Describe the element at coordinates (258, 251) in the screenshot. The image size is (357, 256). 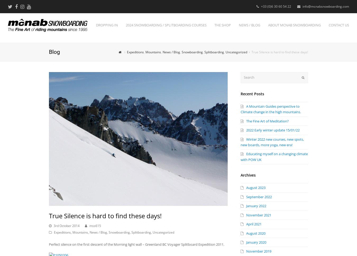
I see `'November 2019'` at that location.